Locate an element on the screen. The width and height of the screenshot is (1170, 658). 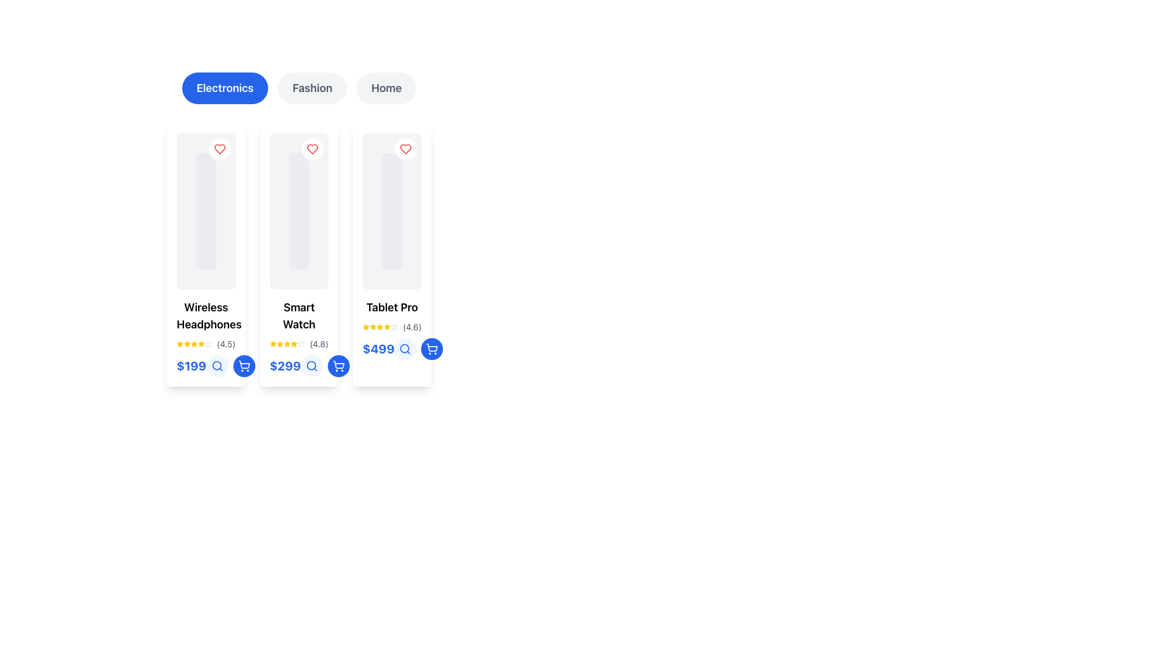
the second star icon in the rating system for 'Wireless Headphones' is located at coordinates (186, 344).